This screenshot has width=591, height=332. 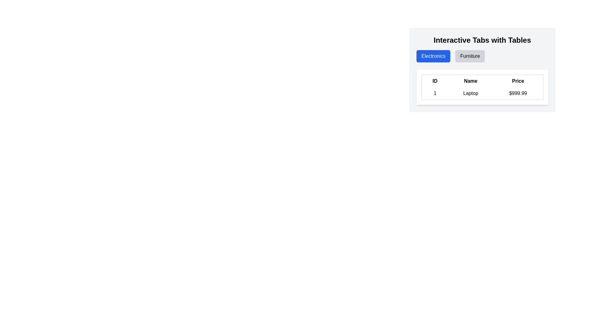 I want to click on the price text label located in the third column of the first row of the table, next to the 'Laptop' text label, so click(x=518, y=93).